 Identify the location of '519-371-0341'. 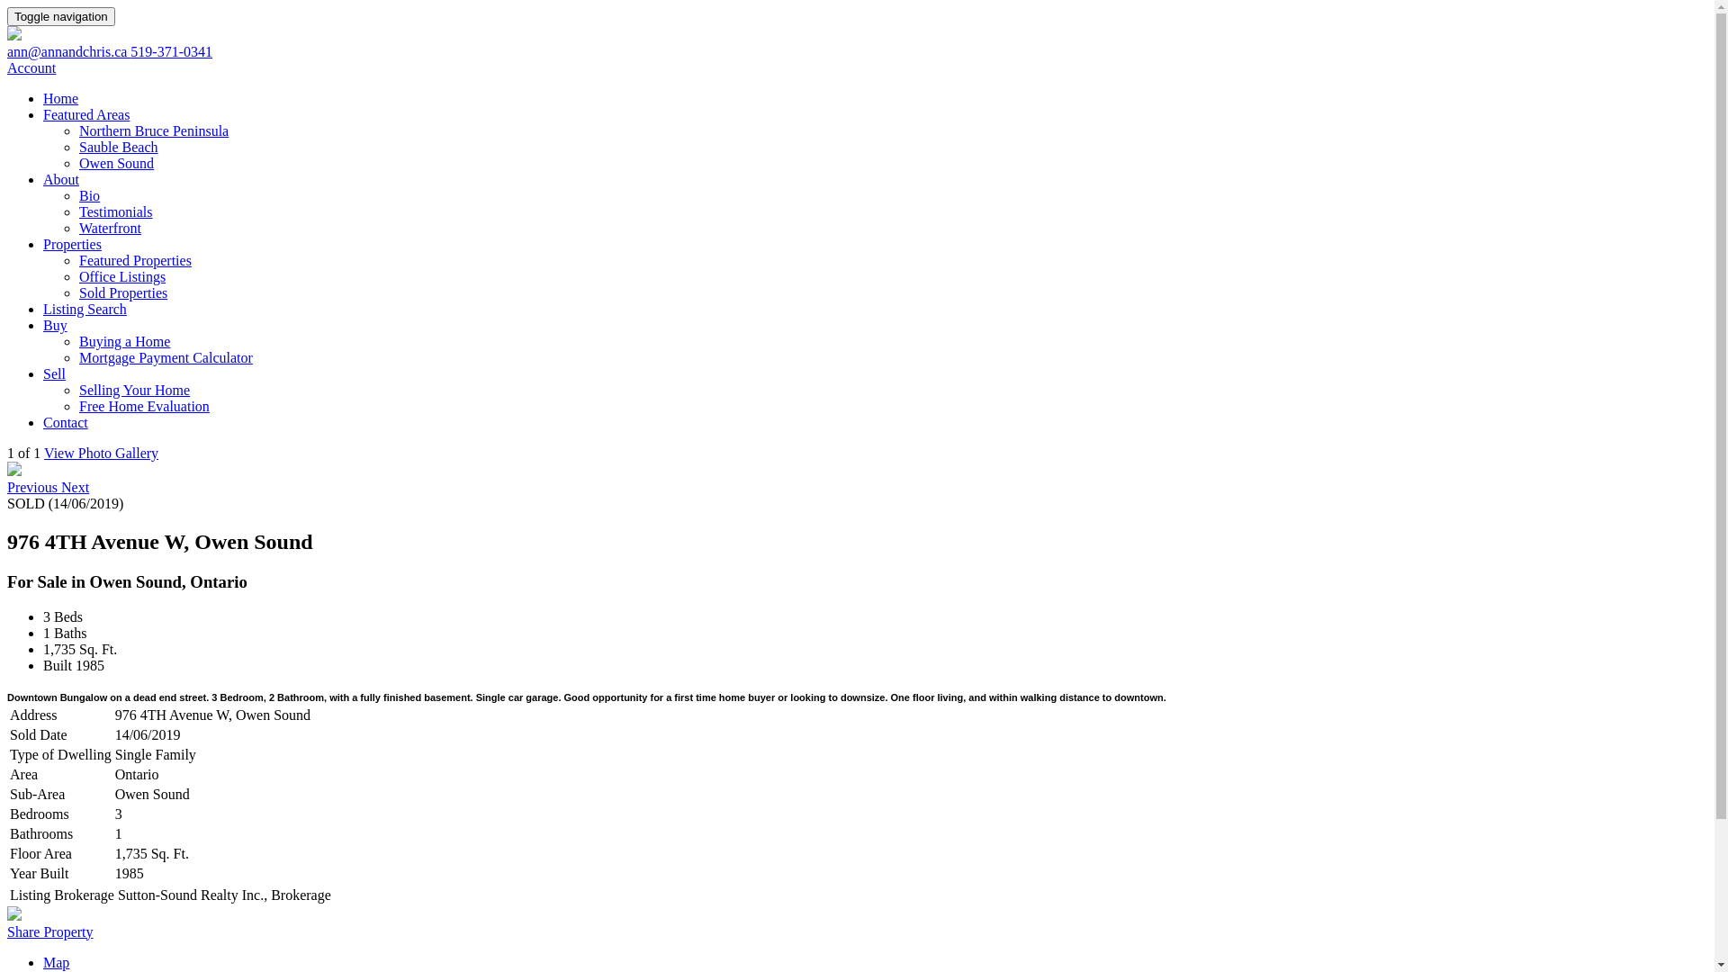
(171, 50).